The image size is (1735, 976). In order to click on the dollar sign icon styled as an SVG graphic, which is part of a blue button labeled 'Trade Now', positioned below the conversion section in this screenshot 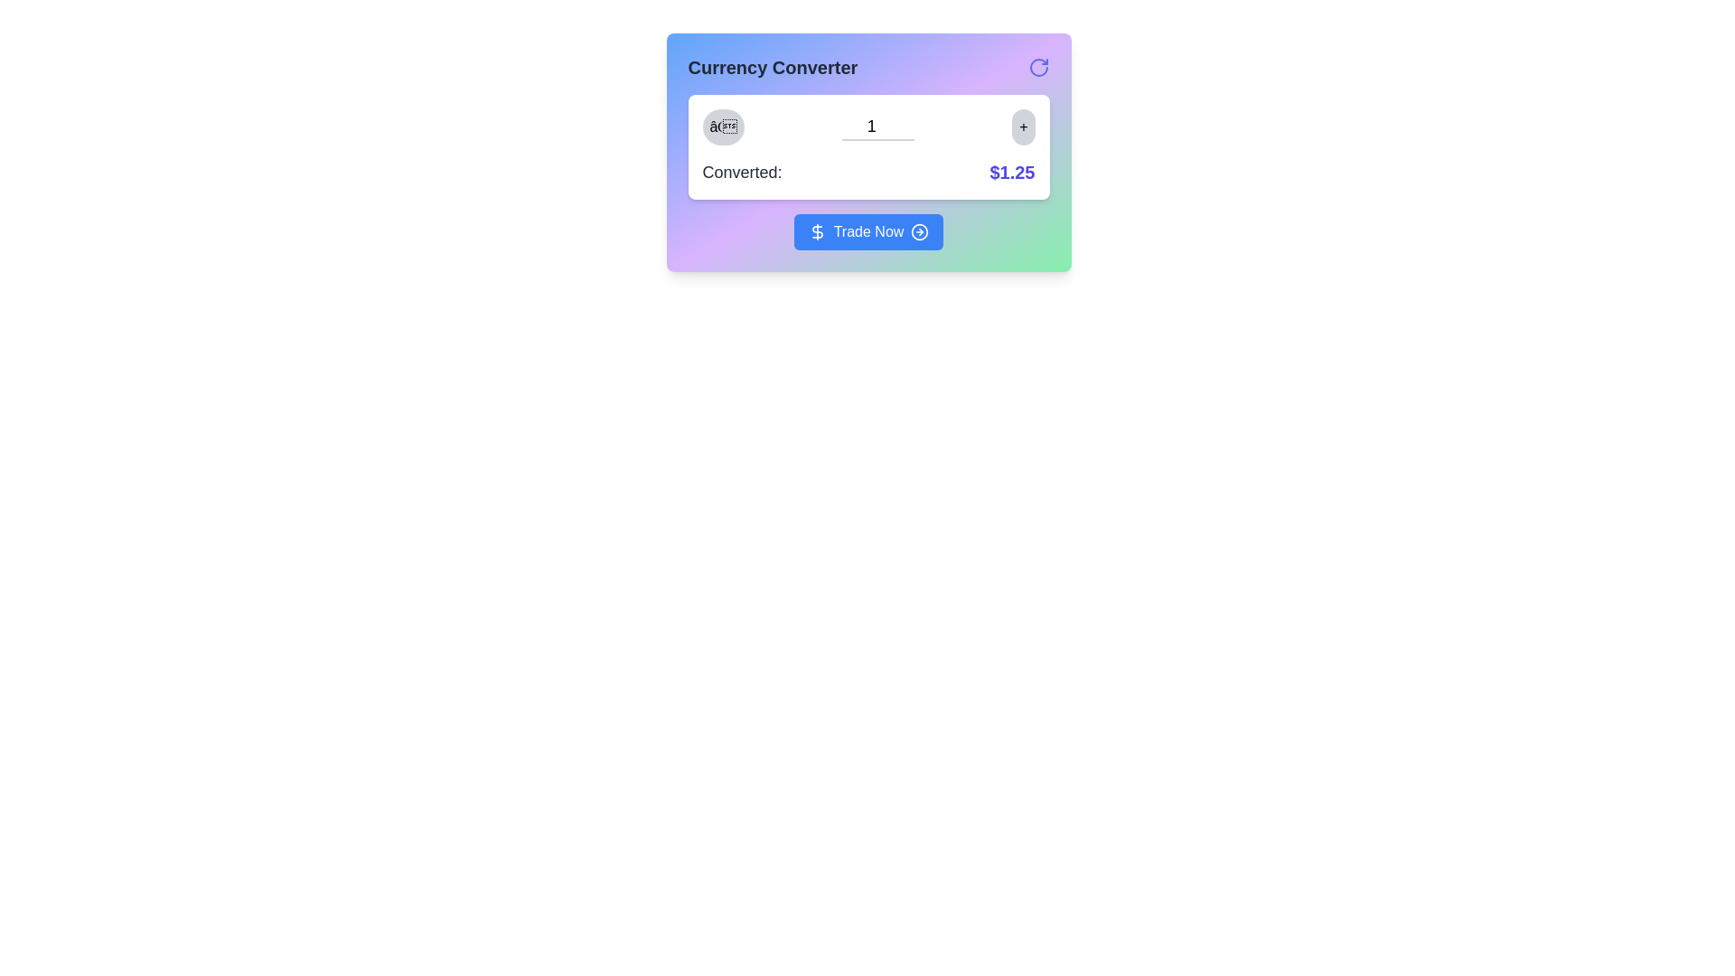, I will do `click(816, 231)`.